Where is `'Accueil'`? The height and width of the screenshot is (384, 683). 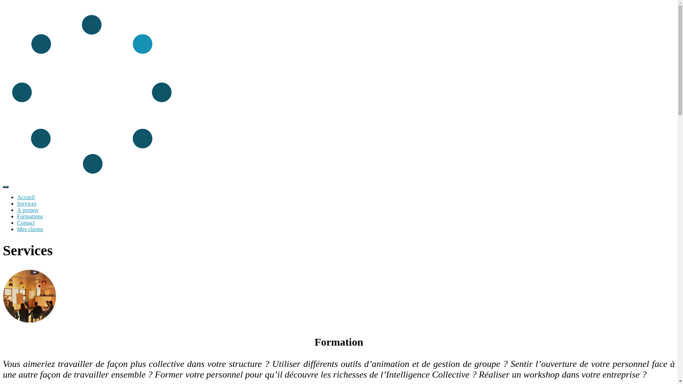 'Accueil' is located at coordinates (17, 197).